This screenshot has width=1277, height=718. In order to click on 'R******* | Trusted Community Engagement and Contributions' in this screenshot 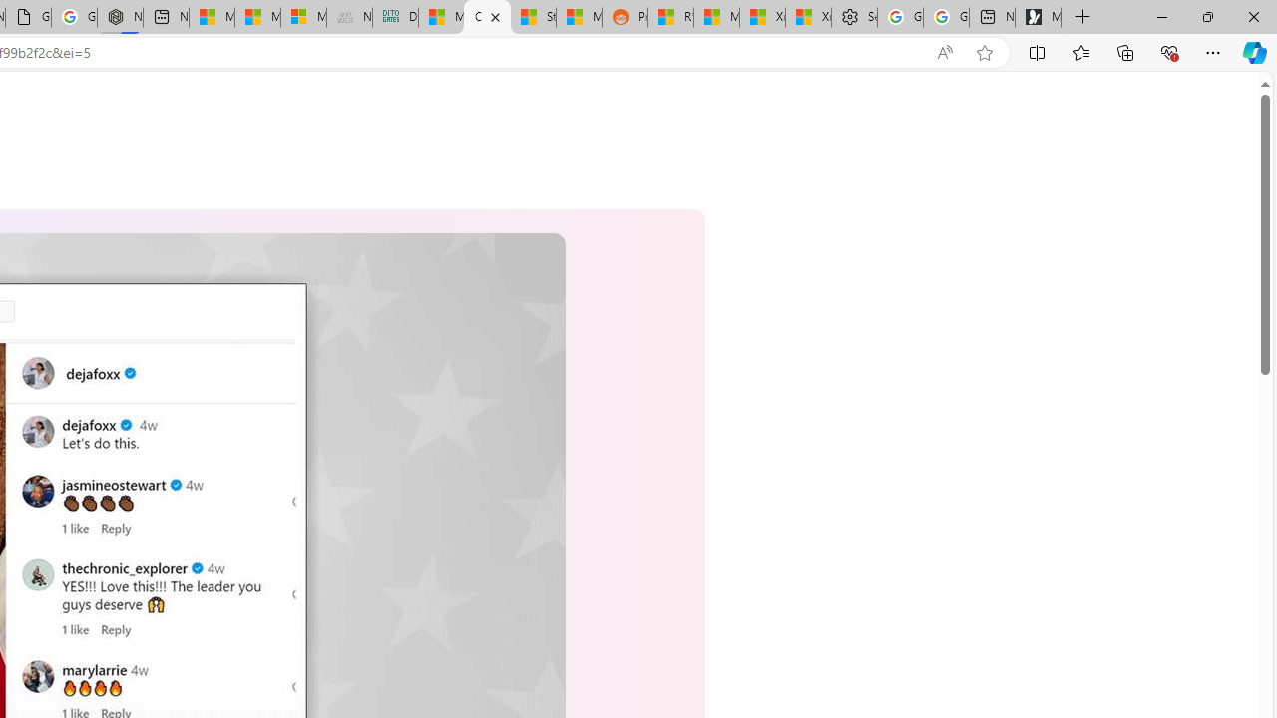, I will do `click(670, 17)`.